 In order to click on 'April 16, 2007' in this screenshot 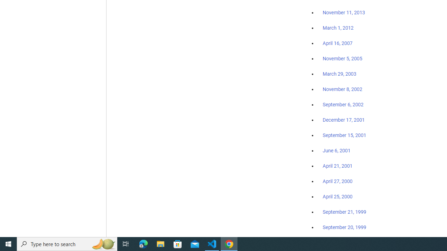, I will do `click(338, 43)`.